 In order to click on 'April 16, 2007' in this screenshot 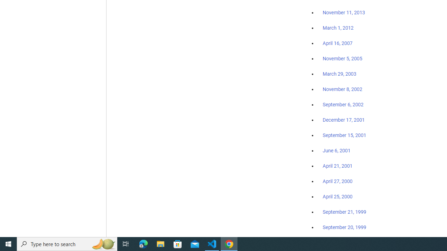, I will do `click(338, 43)`.